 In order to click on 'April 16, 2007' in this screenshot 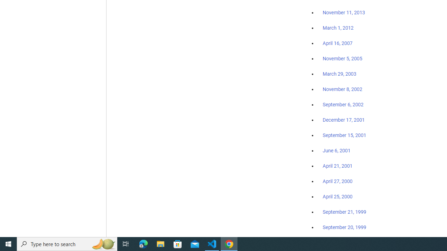, I will do `click(338, 43)`.